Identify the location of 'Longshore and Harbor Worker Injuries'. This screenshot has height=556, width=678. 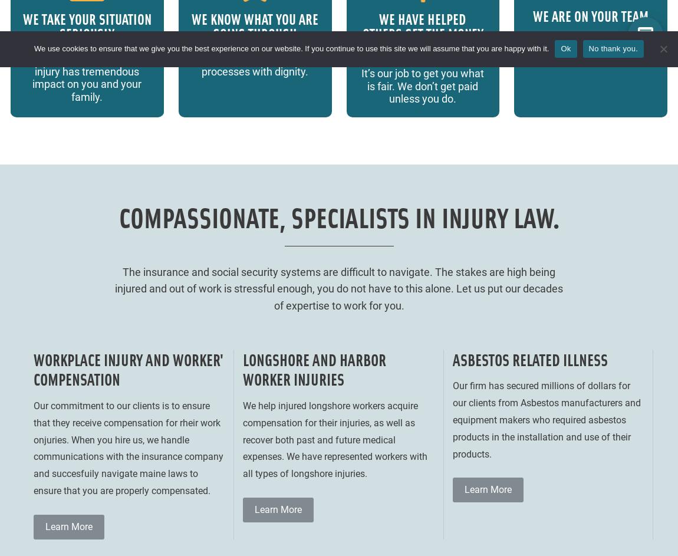
(314, 368).